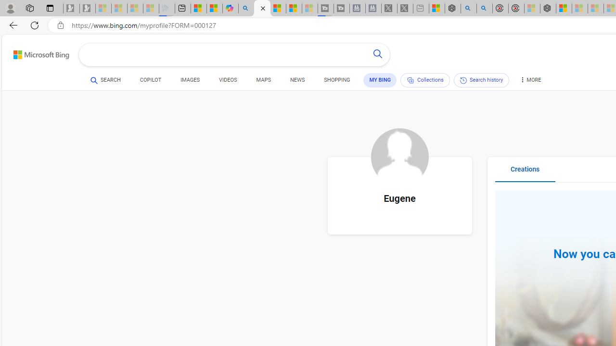  I want to click on 'COPILOT', so click(150, 81).